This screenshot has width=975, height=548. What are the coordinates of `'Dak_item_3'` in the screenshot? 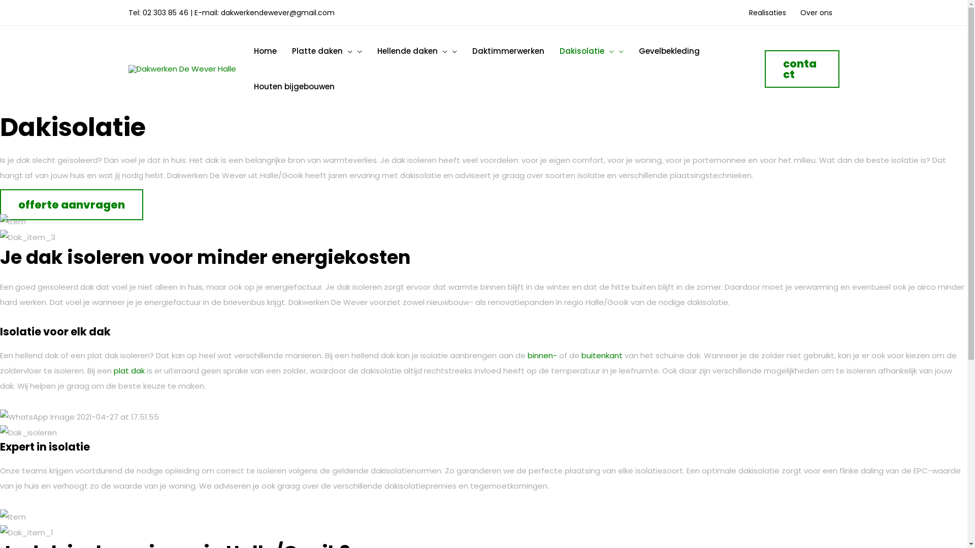 It's located at (27, 237).